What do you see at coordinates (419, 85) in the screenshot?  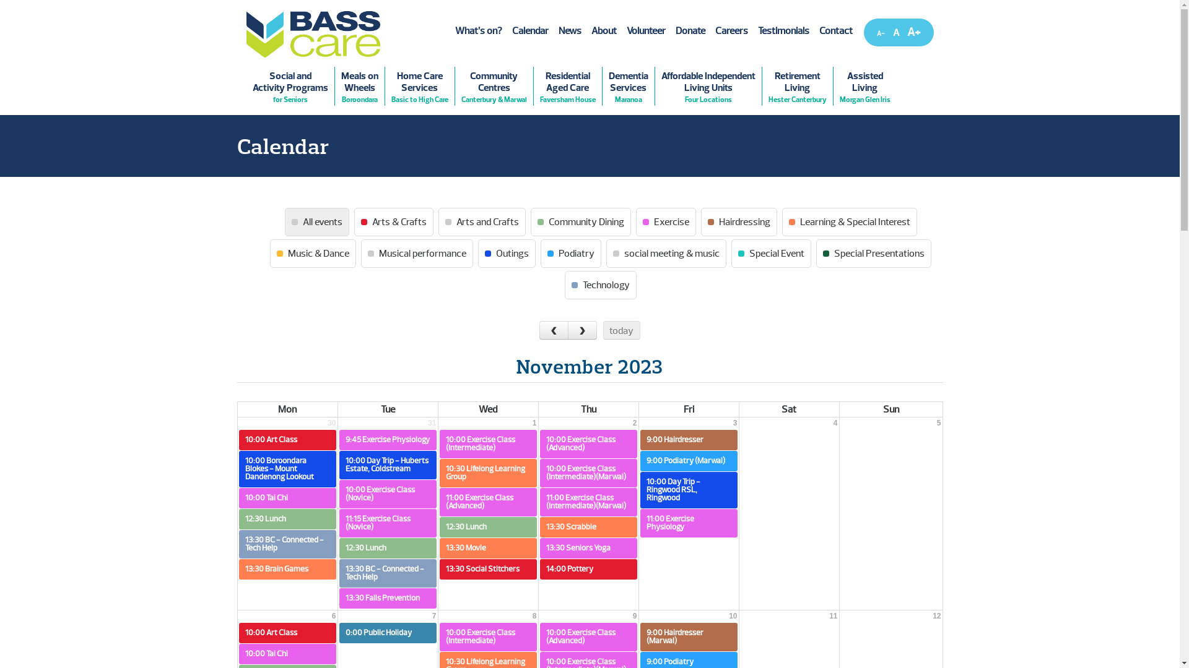 I see `'Home Care` at bounding box center [419, 85].